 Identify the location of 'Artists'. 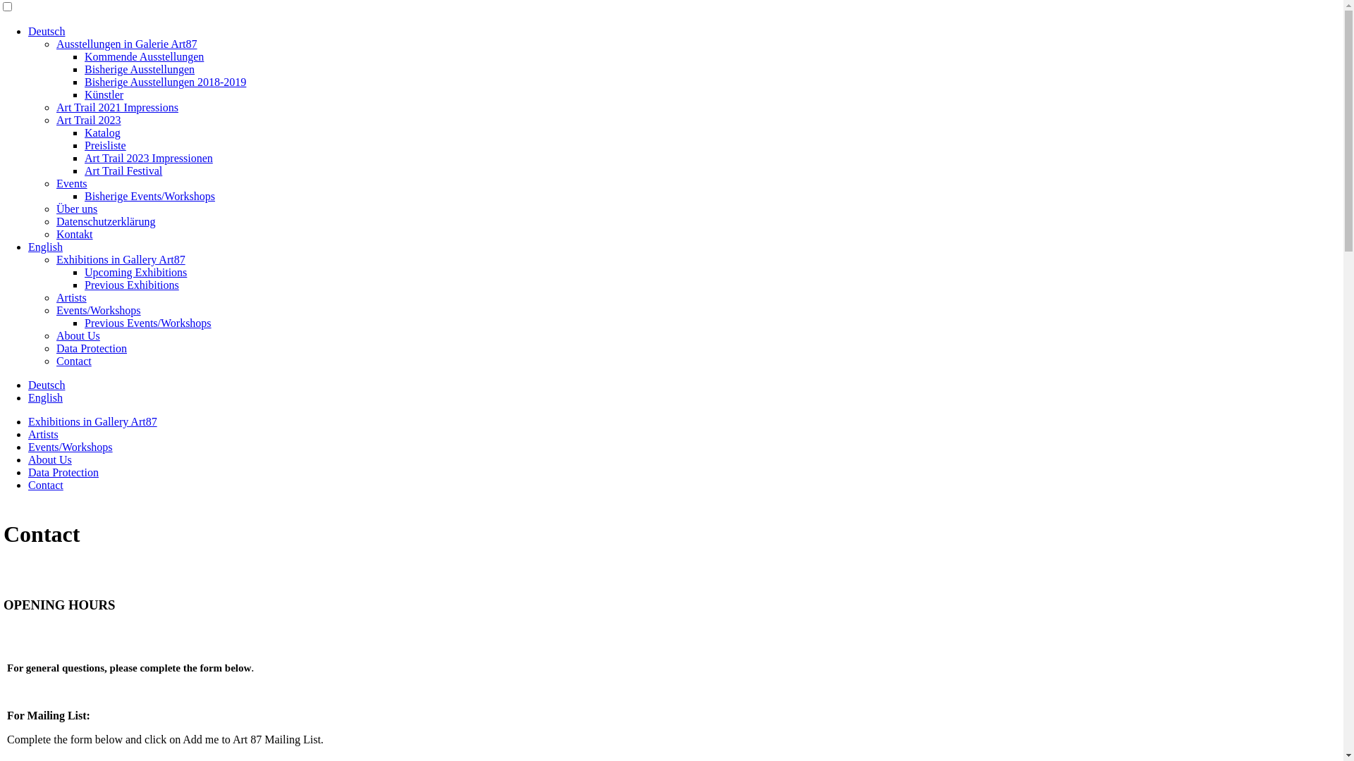
(43, 433).